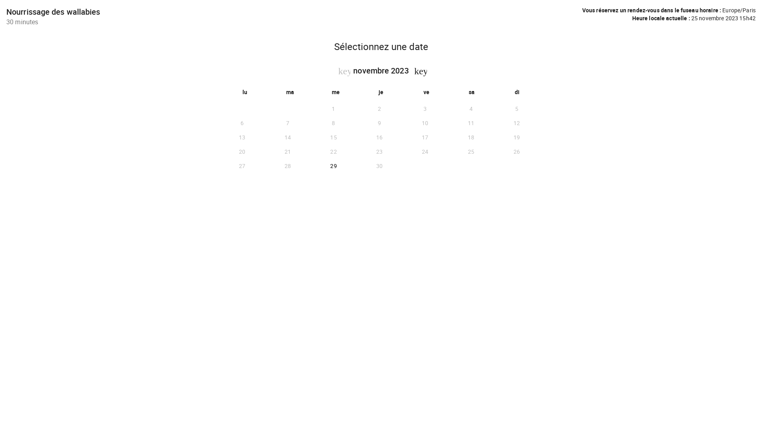  I want to click on '13', so click(219, 137).